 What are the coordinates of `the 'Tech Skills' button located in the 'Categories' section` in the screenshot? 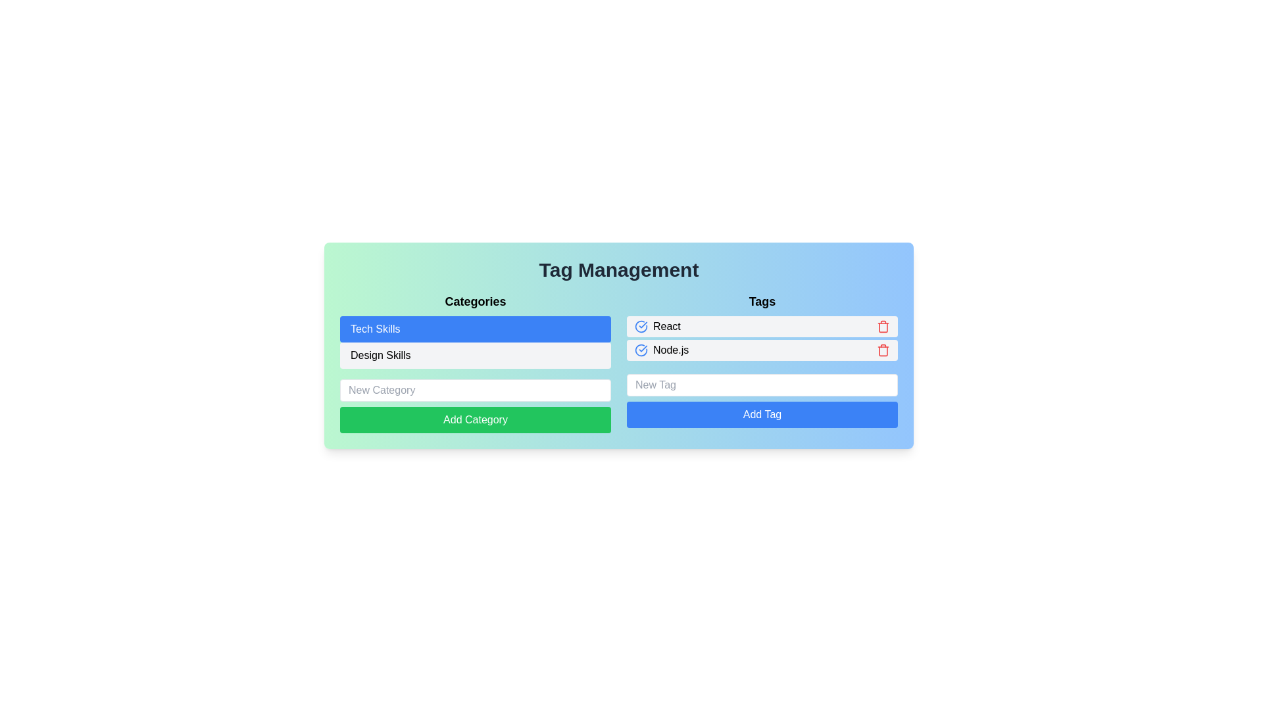 It's located at (475, 329).